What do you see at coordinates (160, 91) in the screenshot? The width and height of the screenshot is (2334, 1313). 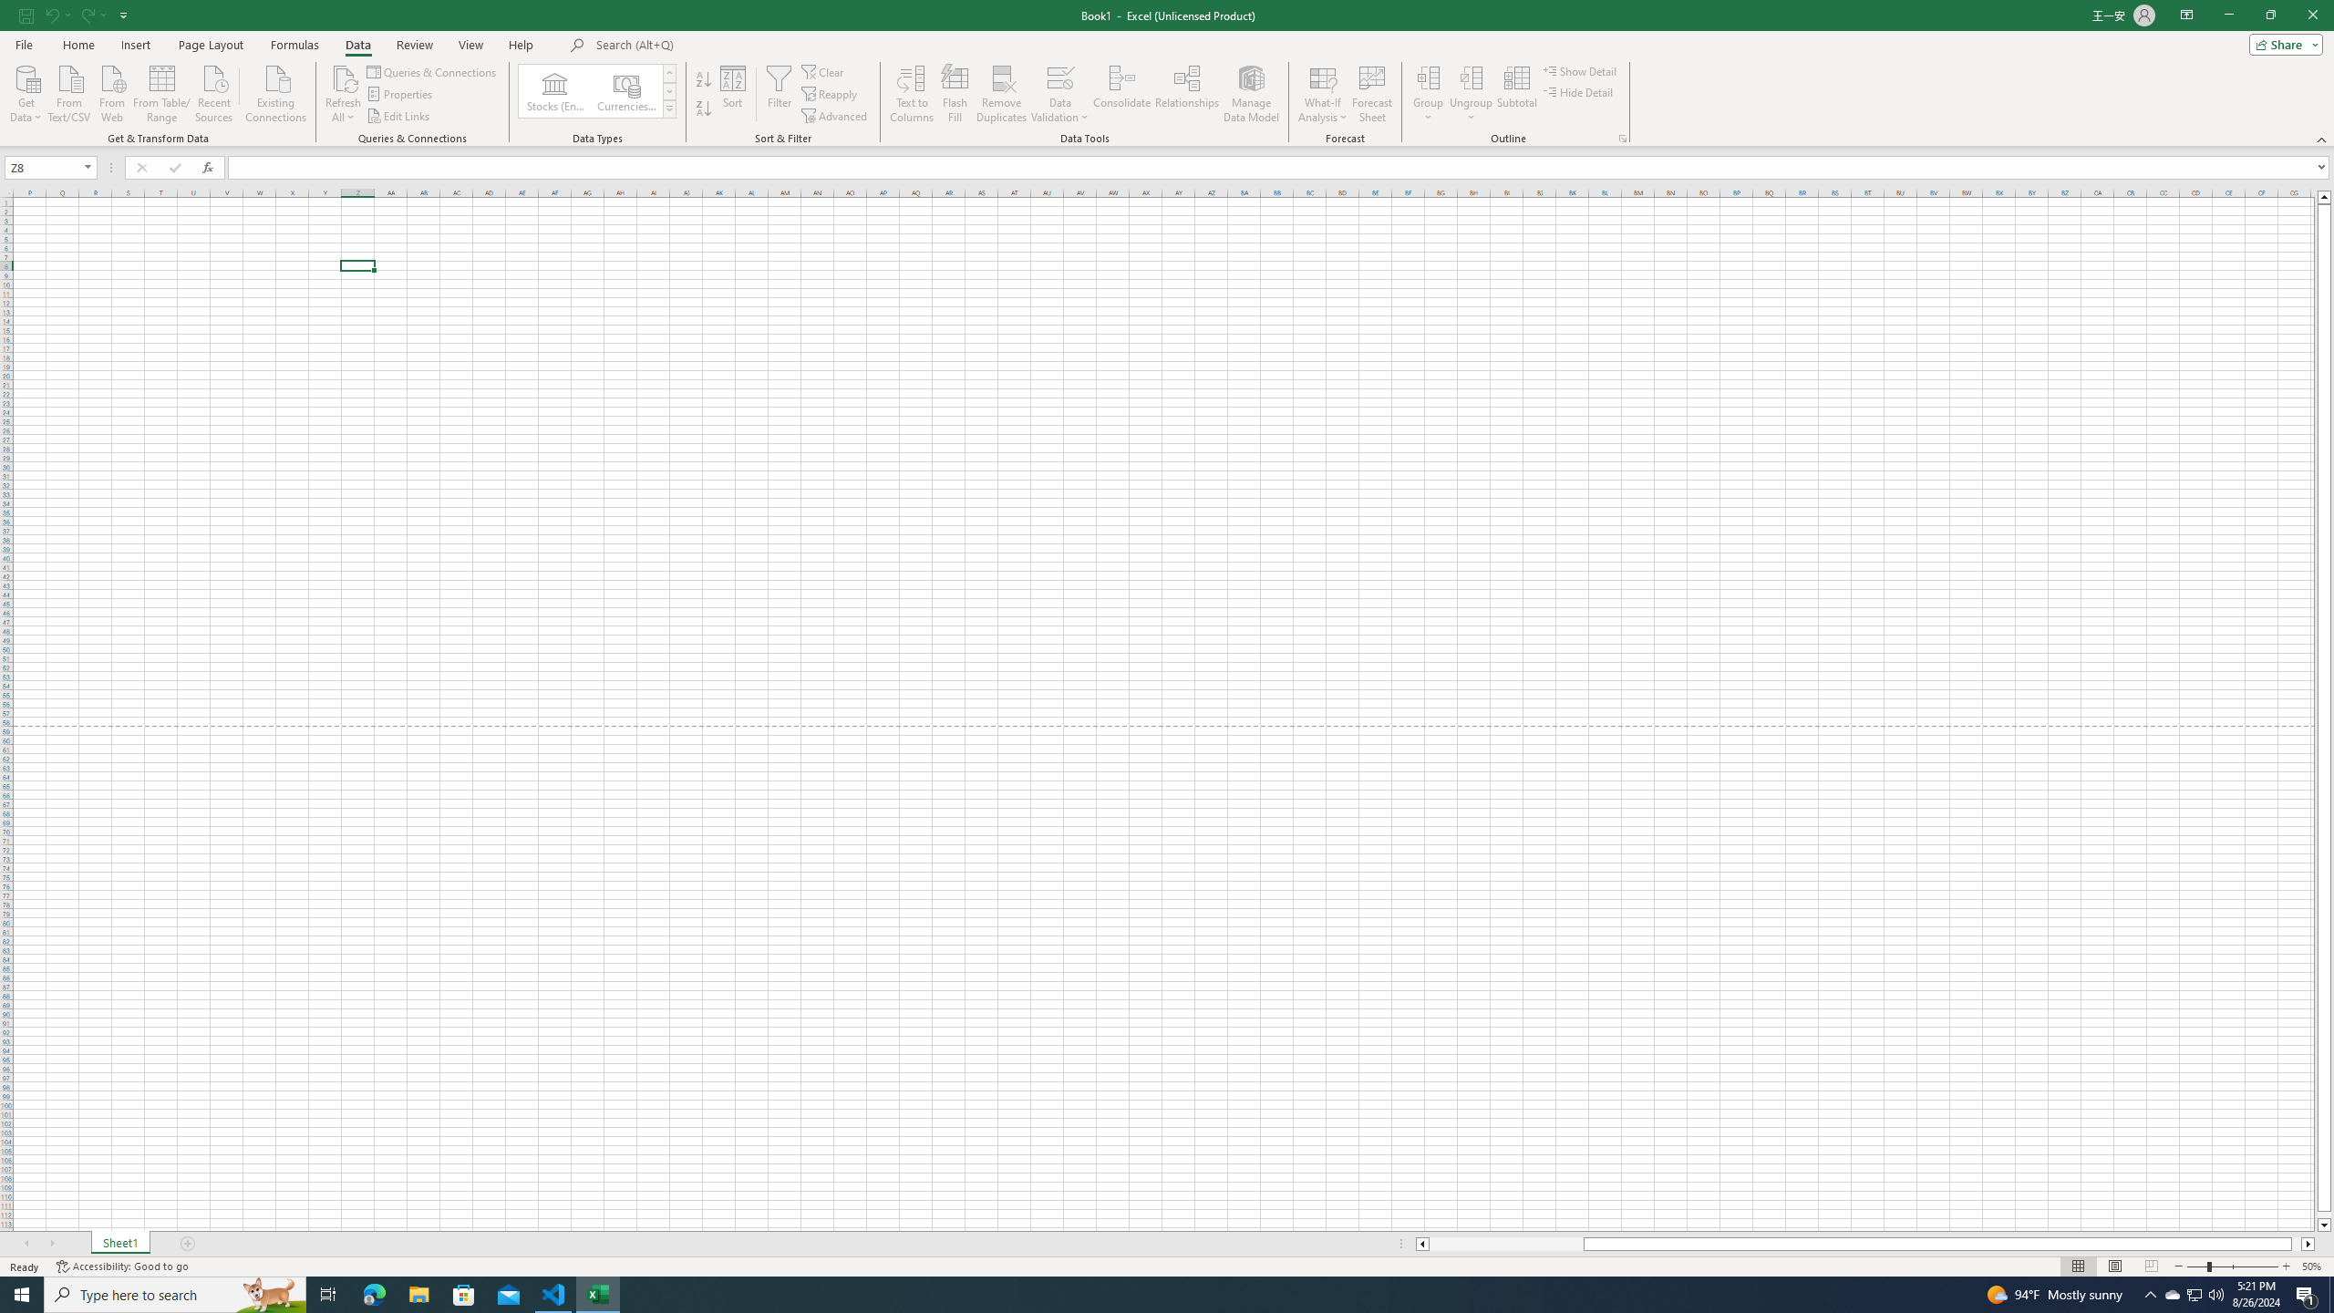 I see `'From Table/Range'` at bounding box center [160, 91].